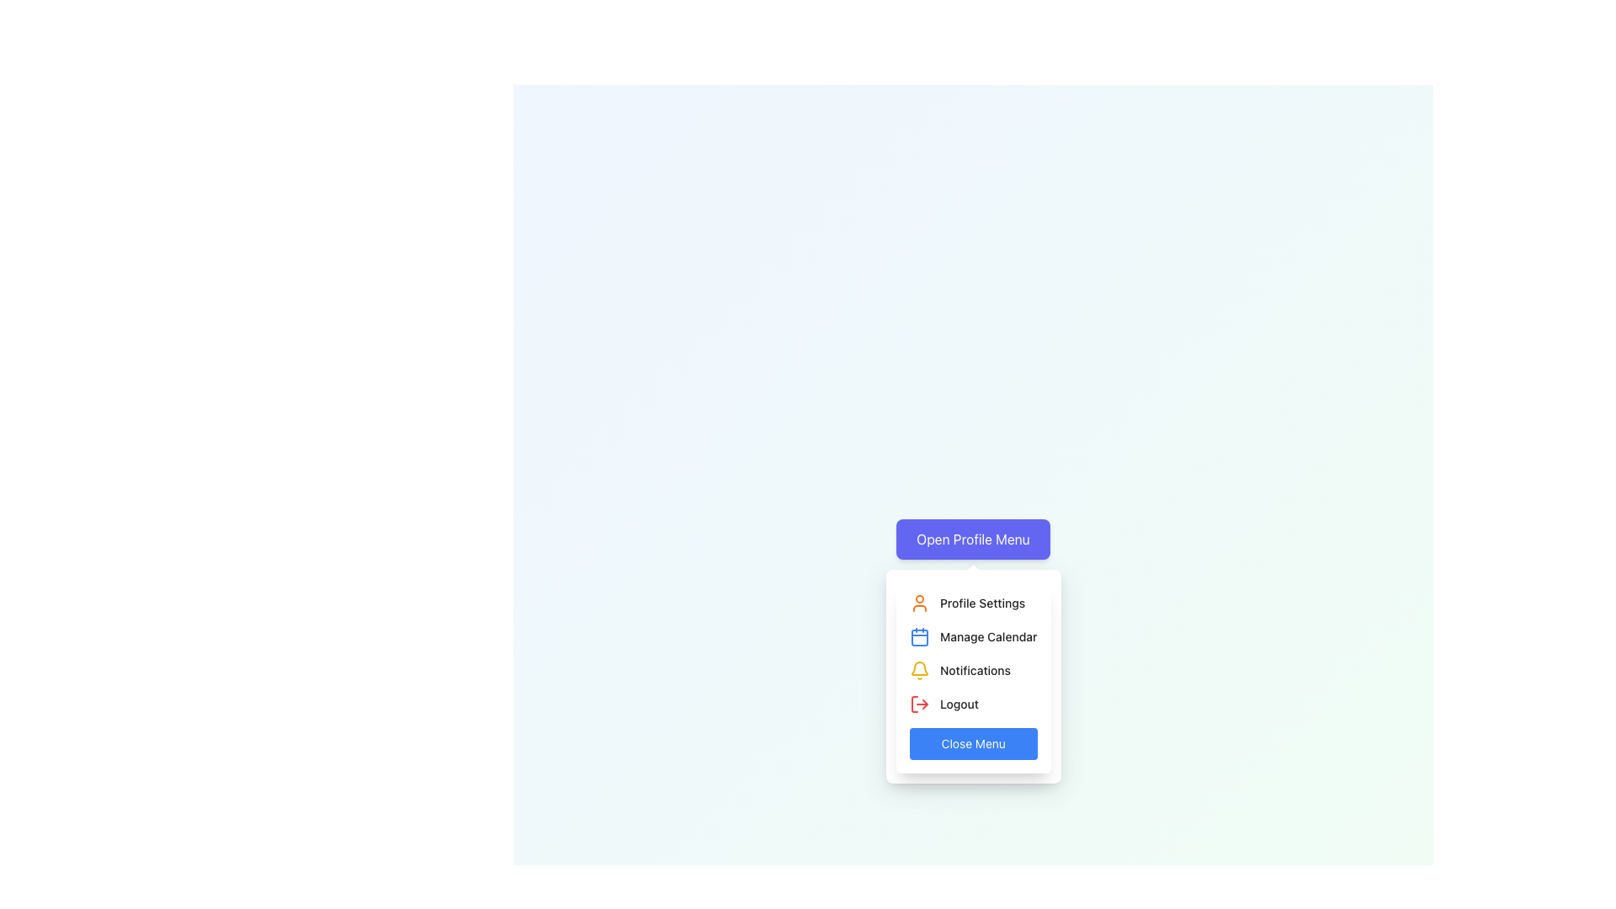 This screenshot has height=909, width=1616. I want to click on the button that toggles the visibility of the associated dropdown menu containing profile-related options, located centrally at the top of a pop-up menu, so click(973, 539).